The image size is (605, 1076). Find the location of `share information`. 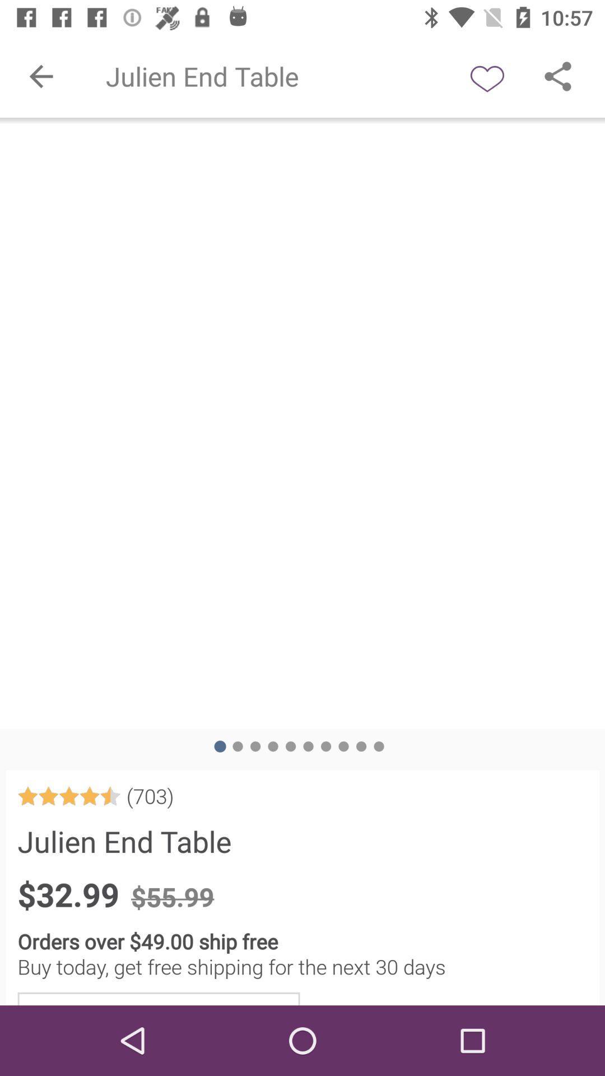

share information is located at coordinates (557, 76).